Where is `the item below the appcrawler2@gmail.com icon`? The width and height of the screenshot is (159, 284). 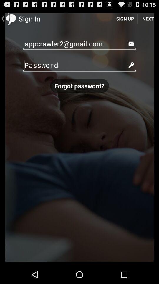
the item below the appcrawler2@gmail.com icon is located at coordinates (79, 65).